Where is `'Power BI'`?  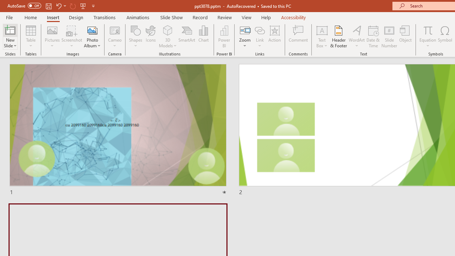 'Power BI' is located at coordinates (224, 37).